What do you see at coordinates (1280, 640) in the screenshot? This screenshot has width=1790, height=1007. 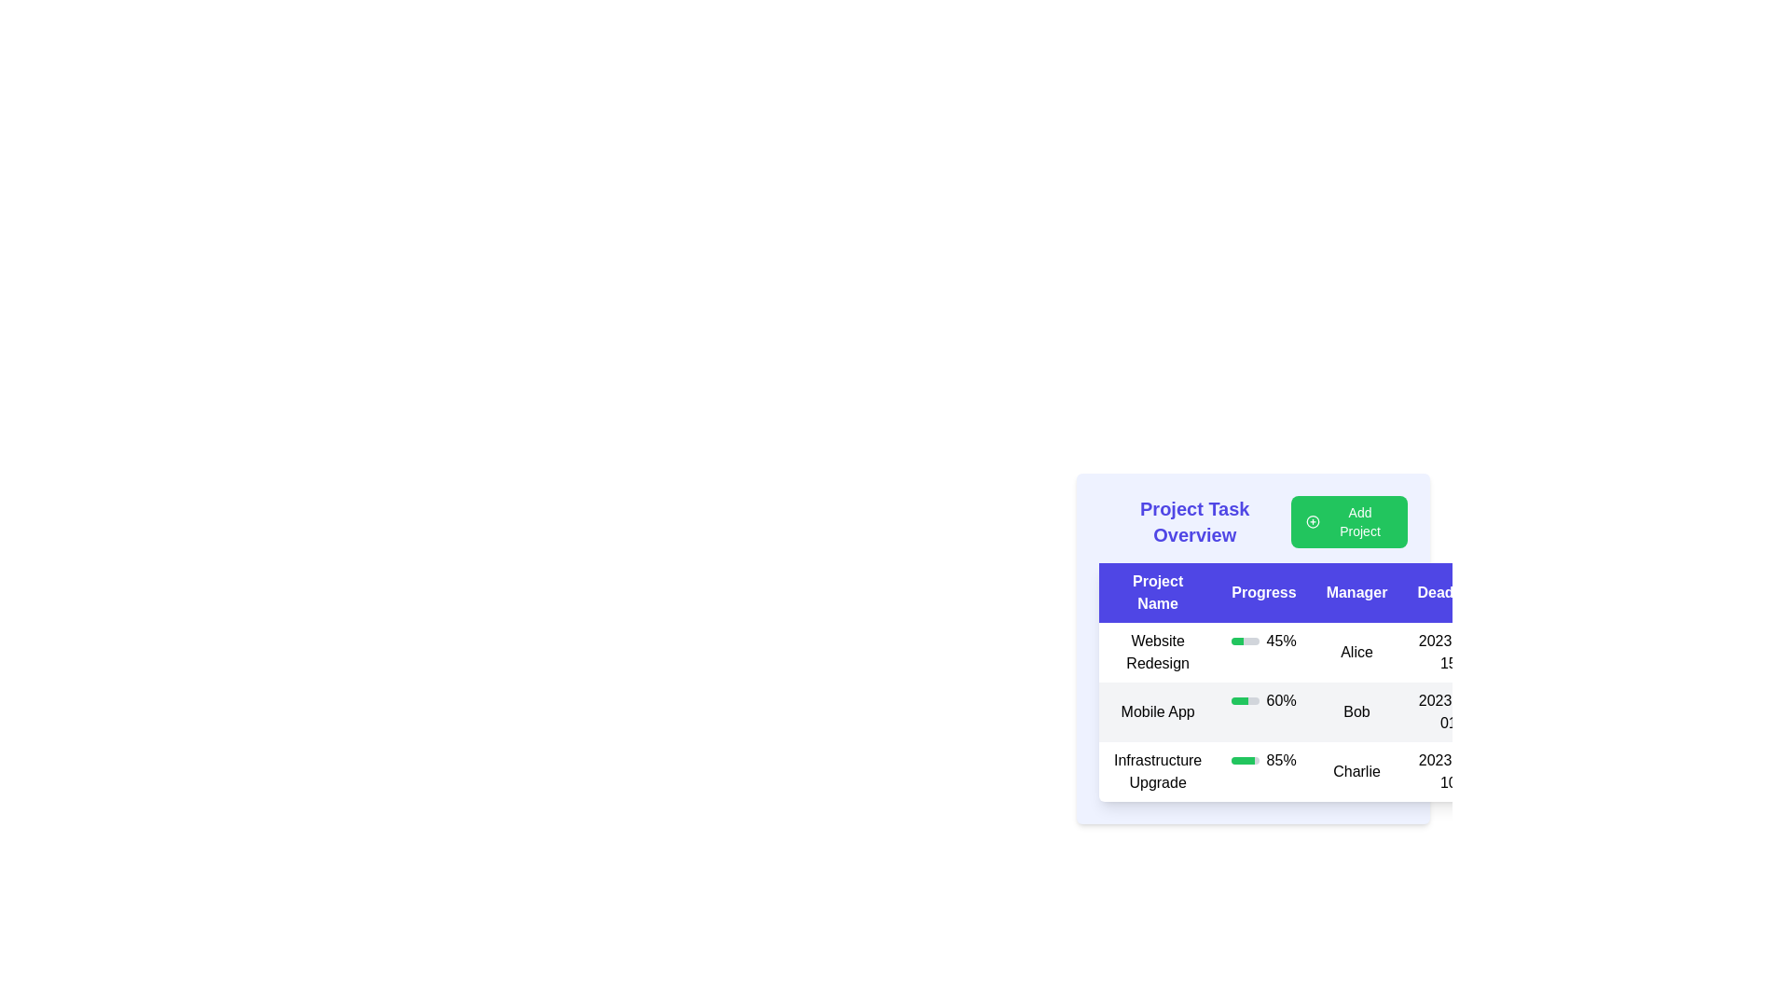 I see `the bold black text label reading '45%' under the 'Progress' column for 'Website Redesign'` at bounding box center [1280, 640].